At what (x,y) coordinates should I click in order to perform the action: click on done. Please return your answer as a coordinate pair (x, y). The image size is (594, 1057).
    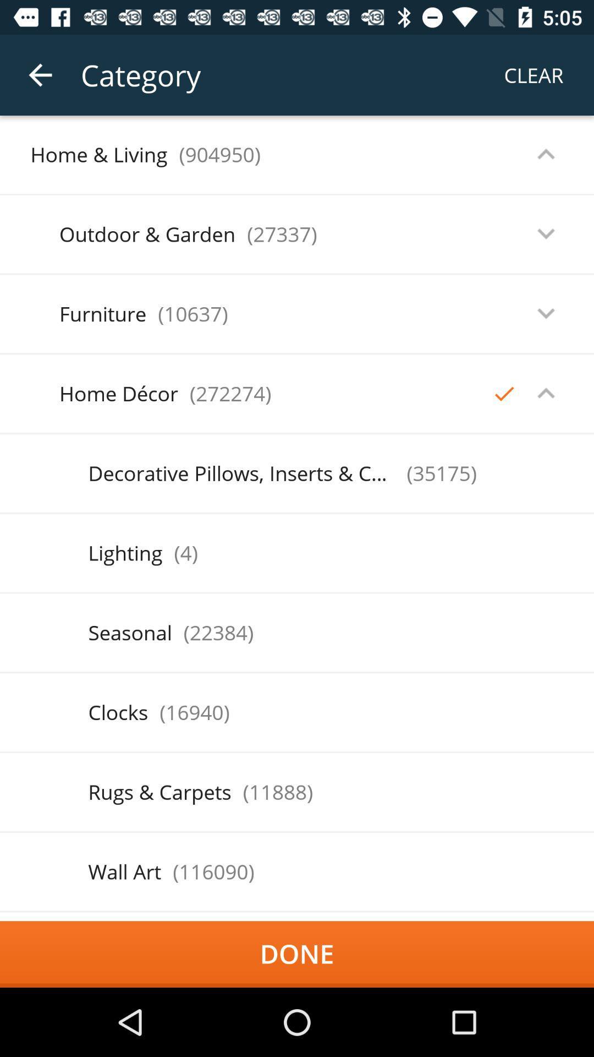
    Looking at the image, I should click on (297, 954).